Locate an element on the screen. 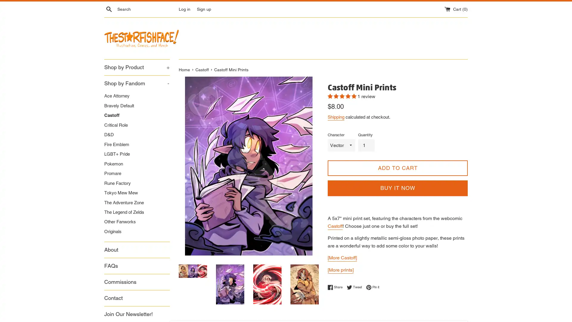 The width and height of the screenshot is (572, 322). Shop by Product is located at coordinates (137, 67).